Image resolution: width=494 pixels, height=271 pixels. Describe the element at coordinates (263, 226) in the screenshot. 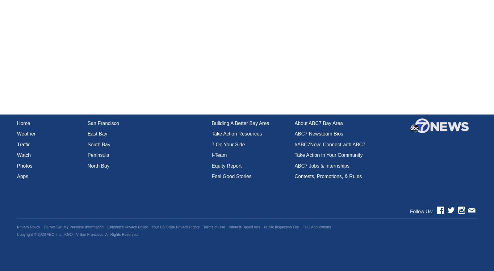

I see `'Public Inspection File'` at that location.